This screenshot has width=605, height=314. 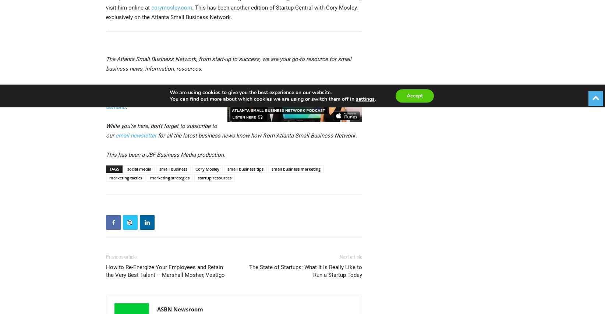 I want to click on 'settings', so click(x=365, y=99).